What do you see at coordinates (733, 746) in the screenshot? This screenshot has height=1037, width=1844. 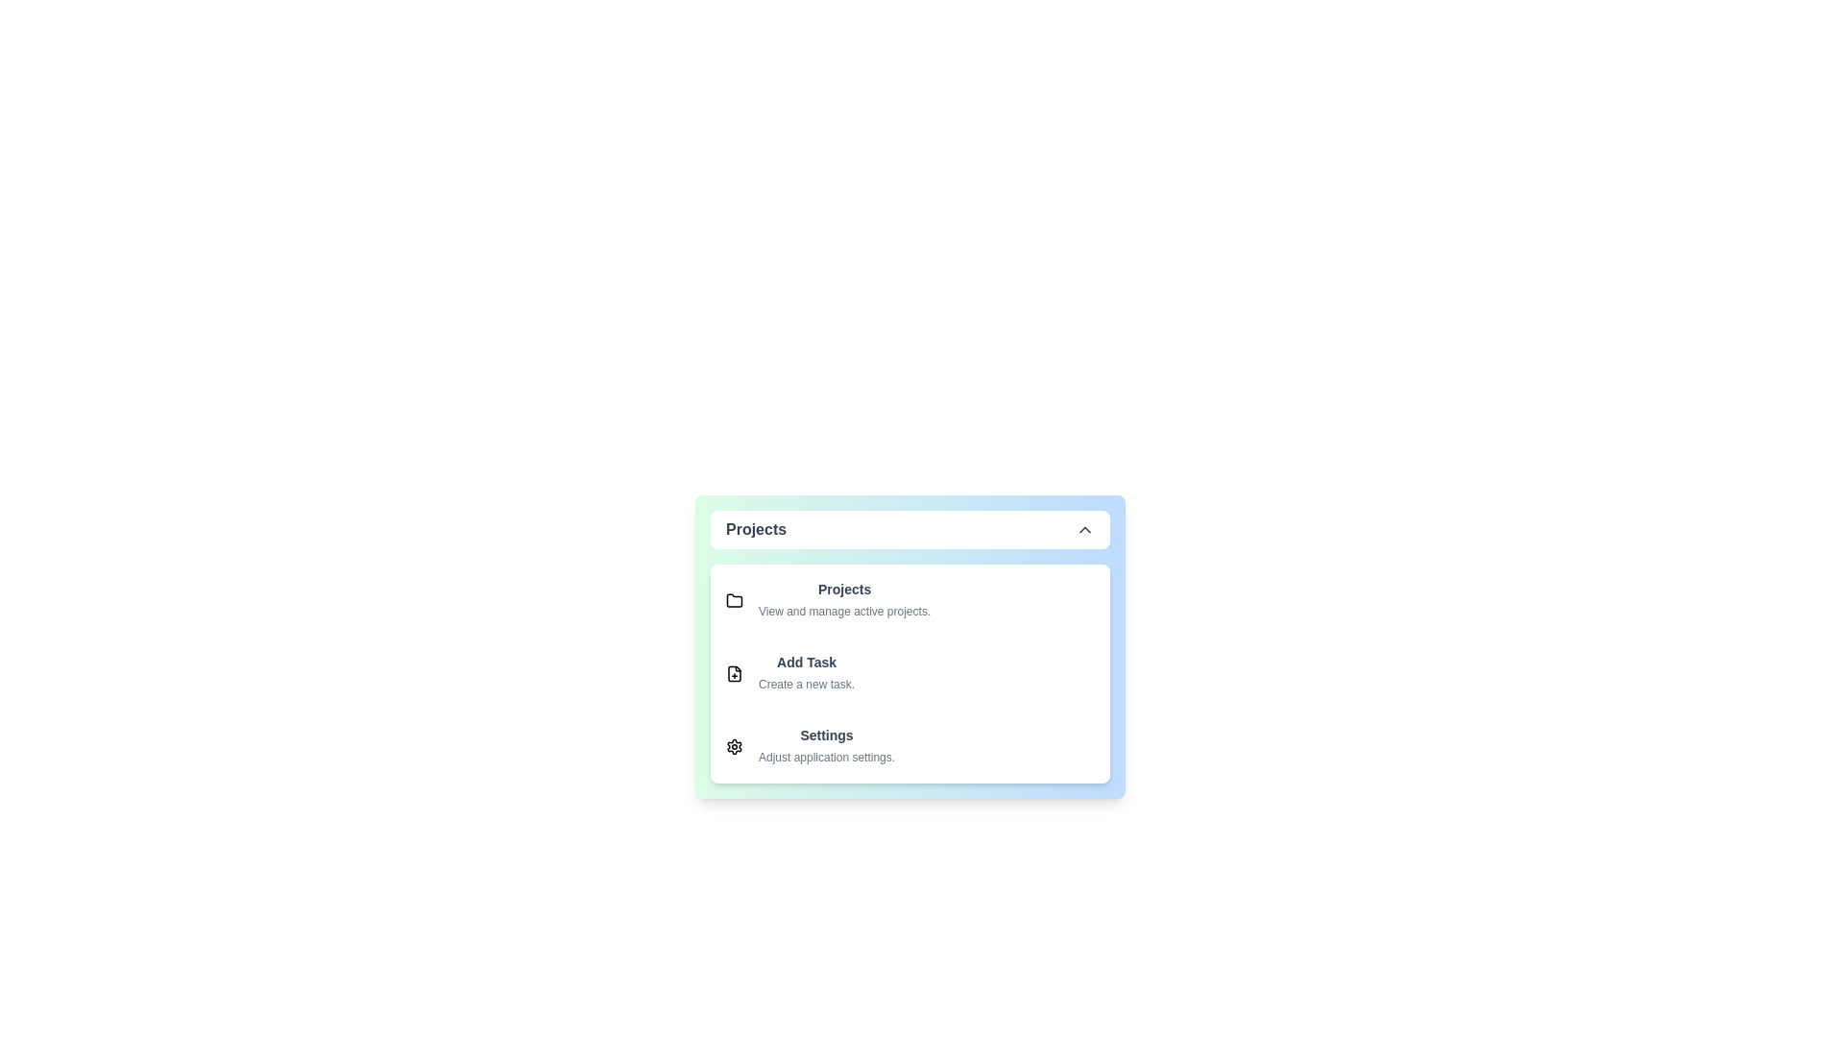 I see `the icon for Settings to interact with it` at bounding box center [733, 746].